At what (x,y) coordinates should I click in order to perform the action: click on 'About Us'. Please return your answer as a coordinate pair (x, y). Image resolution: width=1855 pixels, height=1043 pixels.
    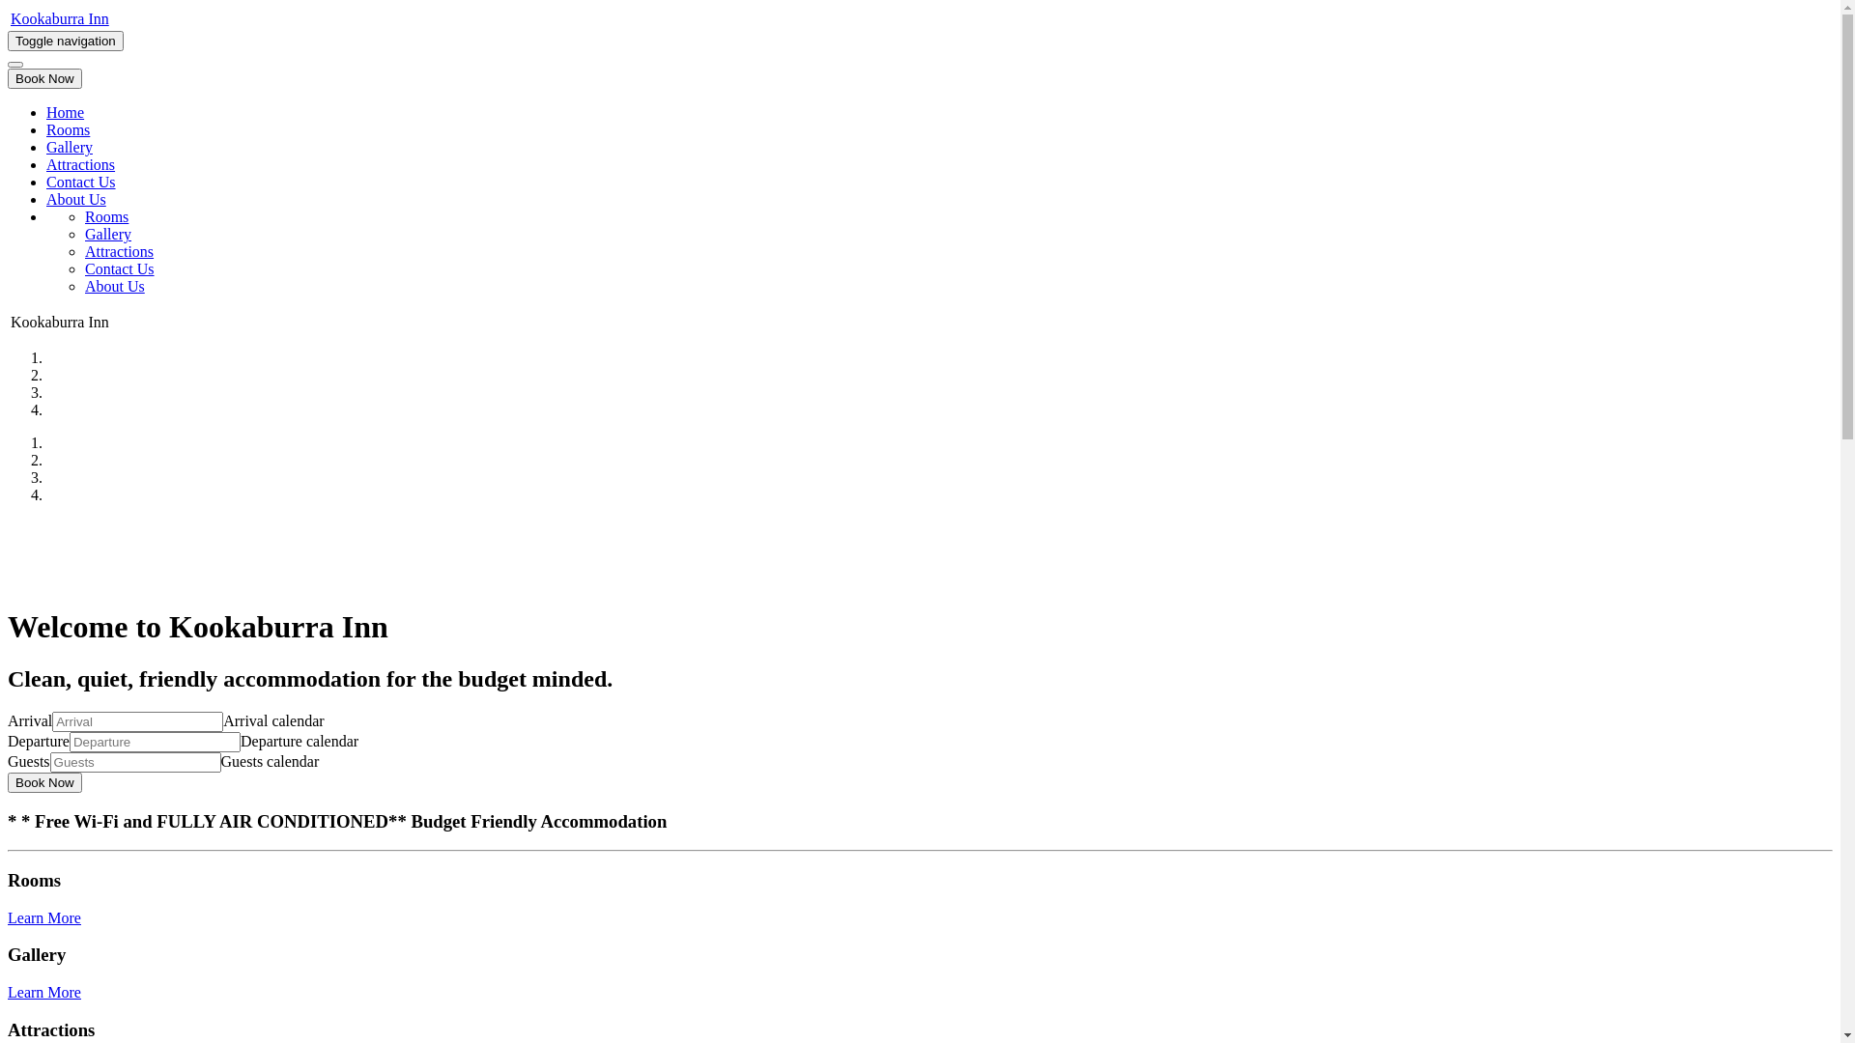
    Looking at the image, I should click on (114, 286).